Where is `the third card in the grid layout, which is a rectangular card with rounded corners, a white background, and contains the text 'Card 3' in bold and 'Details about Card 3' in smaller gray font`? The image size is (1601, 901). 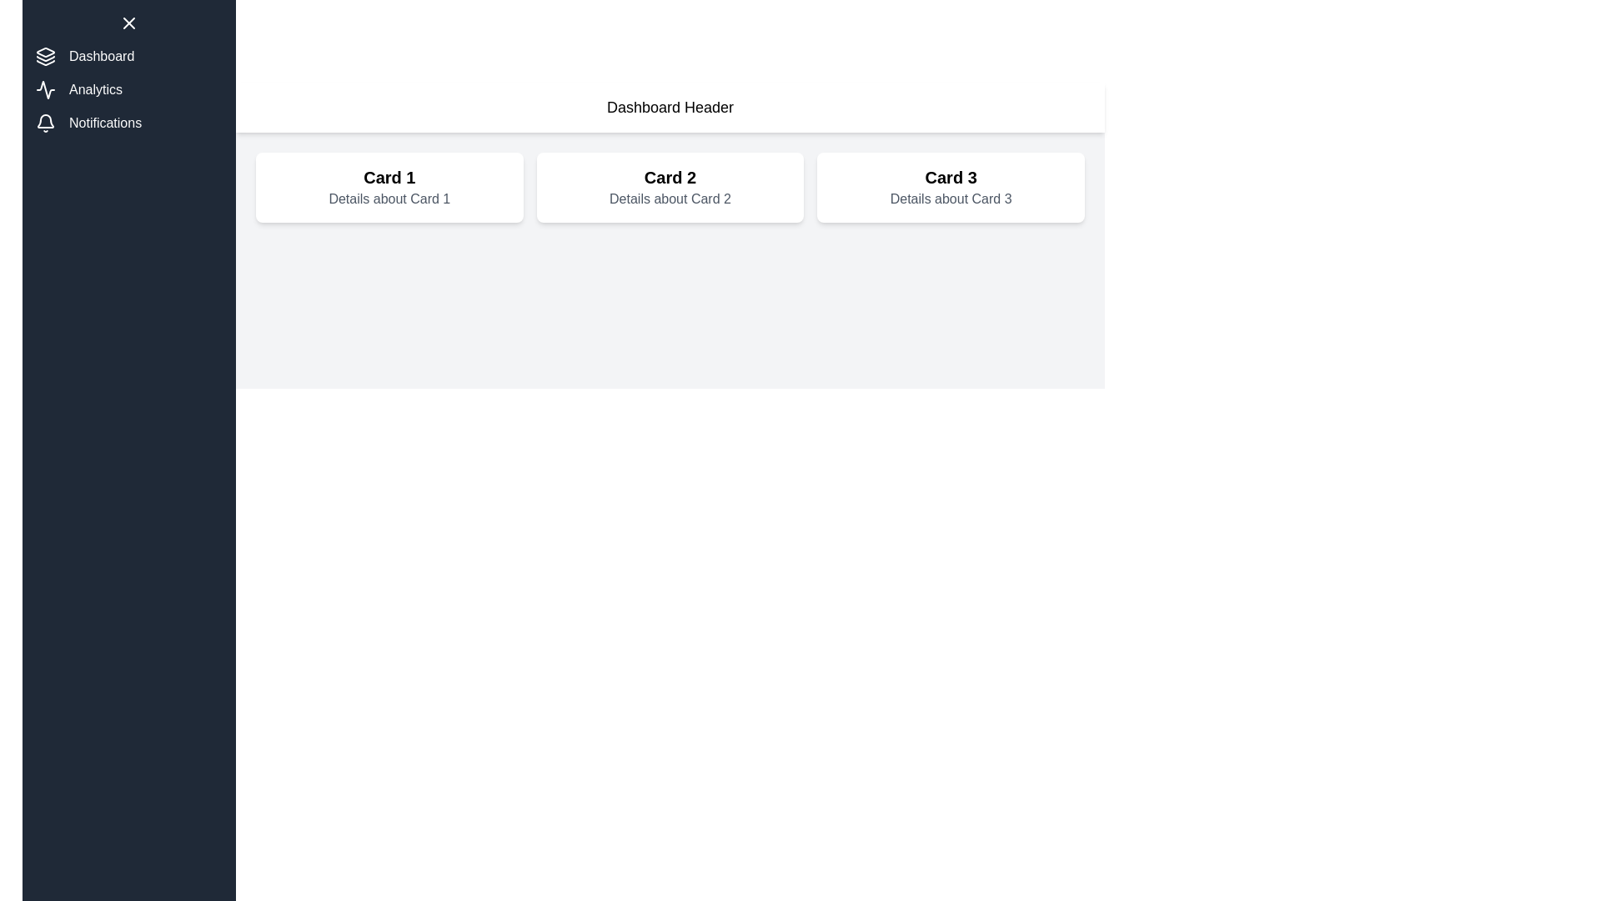 the third card in the grid layout, which is a rectangular card with rounded corners, a white background, and contains the text 'Card 3' in bold and 'Details about Card 3' in smaller gray font is located at coordinates (951, 187).